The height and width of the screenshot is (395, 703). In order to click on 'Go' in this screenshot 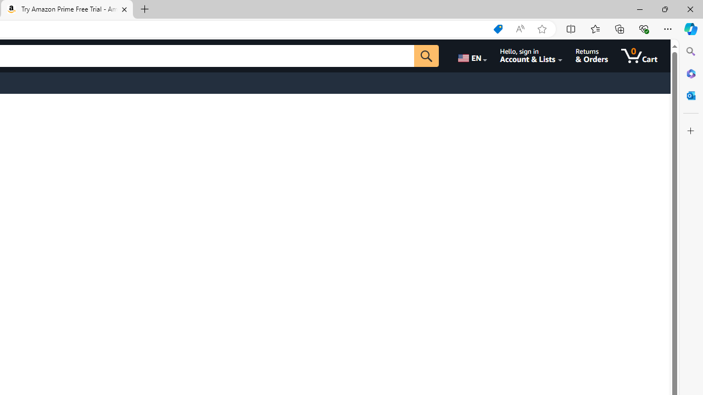, I will do `click(426, 55)`.